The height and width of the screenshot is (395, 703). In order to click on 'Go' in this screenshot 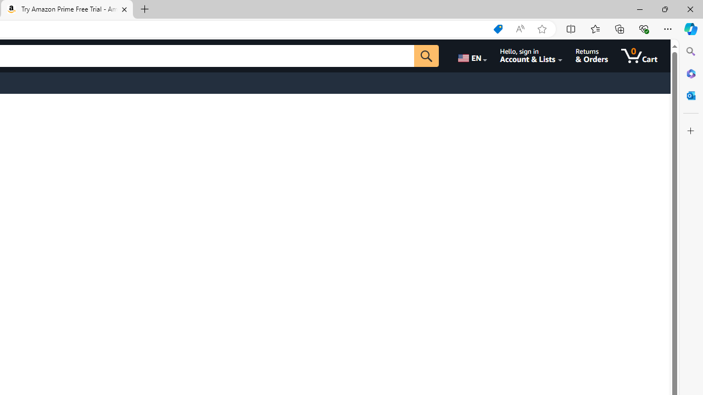, I will do `click(426, 55)`.